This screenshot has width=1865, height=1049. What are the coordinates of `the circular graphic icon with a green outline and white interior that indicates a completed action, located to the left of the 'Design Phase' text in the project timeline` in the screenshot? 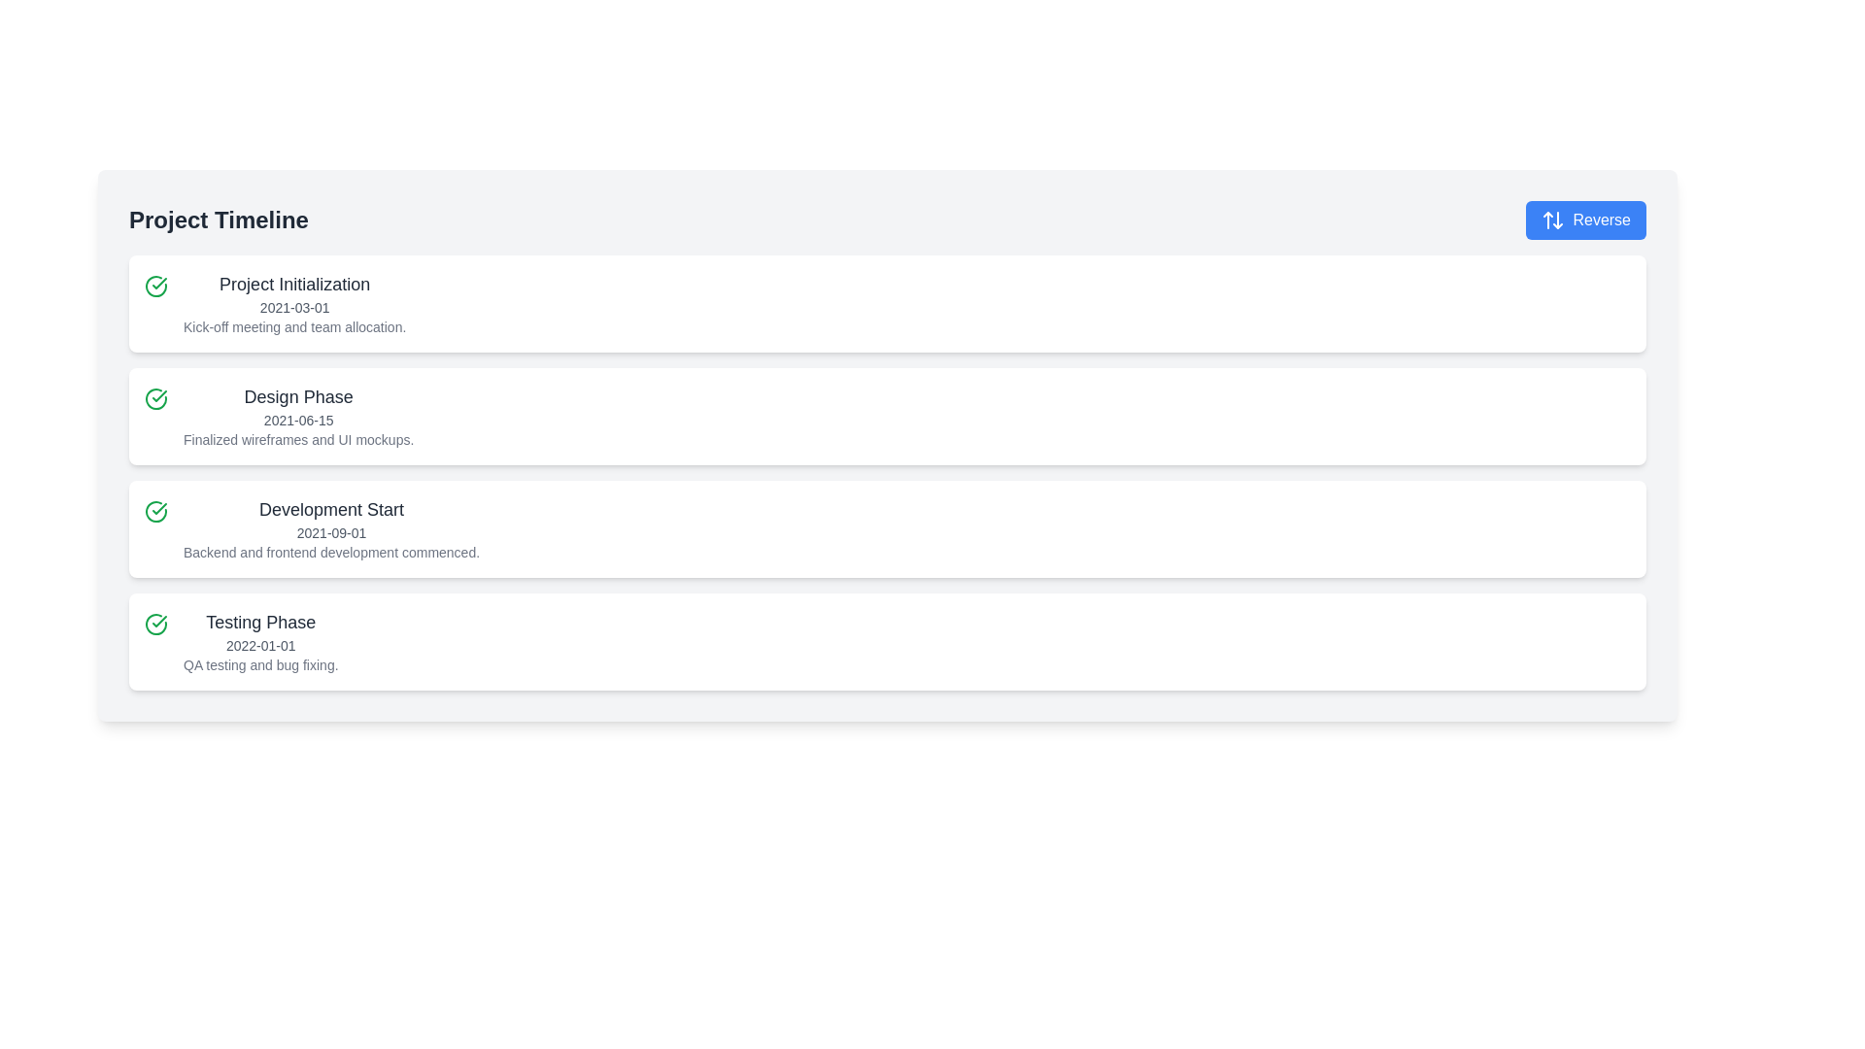 It's located at (156, 398).